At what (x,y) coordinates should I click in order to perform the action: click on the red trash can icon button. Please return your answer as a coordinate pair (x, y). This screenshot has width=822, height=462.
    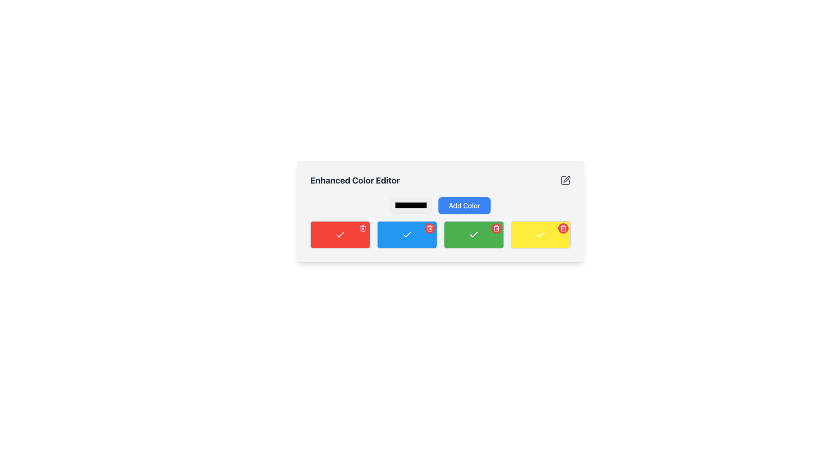
    Looking at the image, I should click on (363, 228).